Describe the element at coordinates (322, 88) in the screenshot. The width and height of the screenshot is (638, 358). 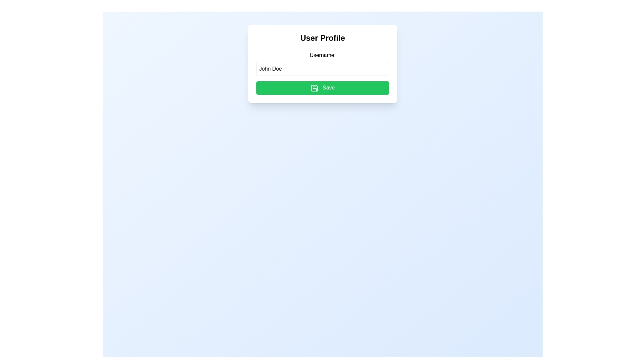
I see `the 'Save' button, which is a vibrant green rectangular button with white text and a save icon on the left side, located below the 'Username:' input field` at that location.